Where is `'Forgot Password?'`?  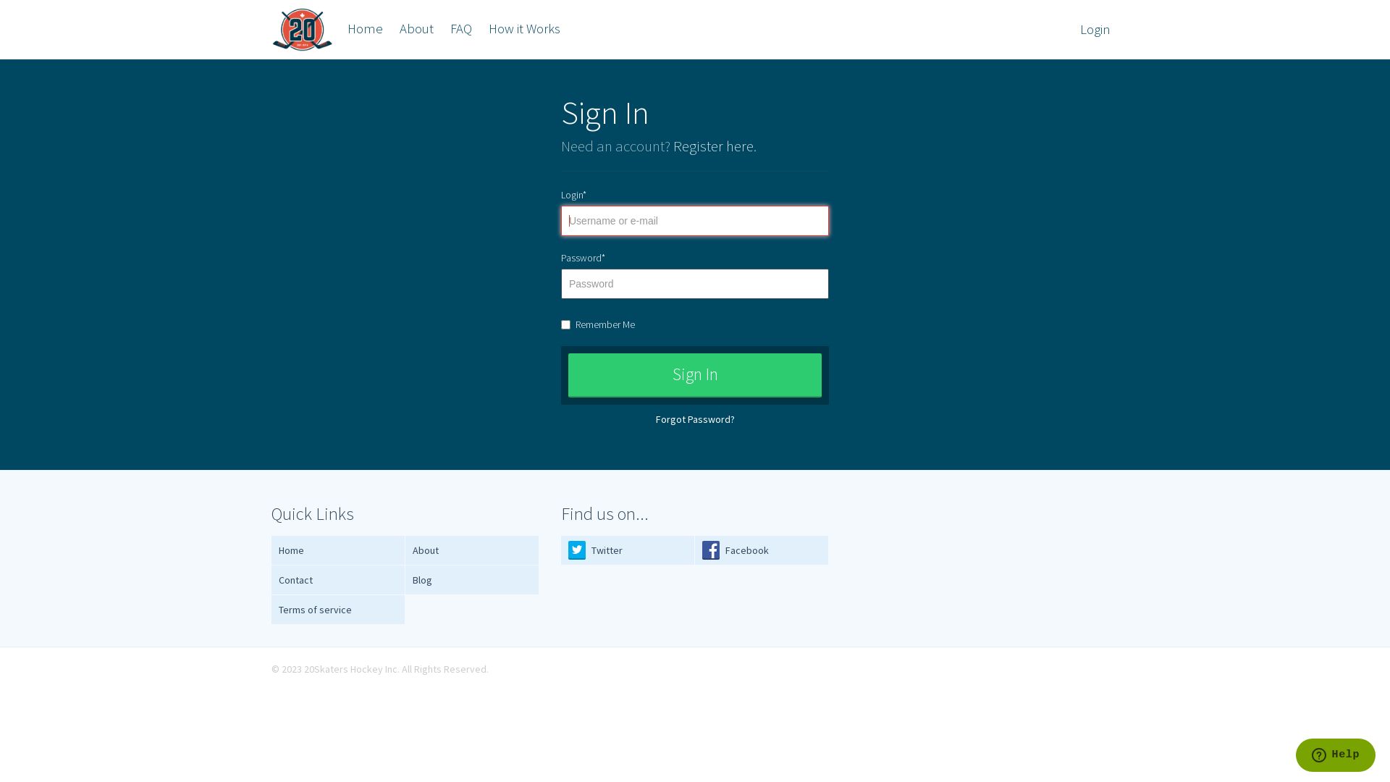 'Forgot Password?' is located at coordinates (695, 419).